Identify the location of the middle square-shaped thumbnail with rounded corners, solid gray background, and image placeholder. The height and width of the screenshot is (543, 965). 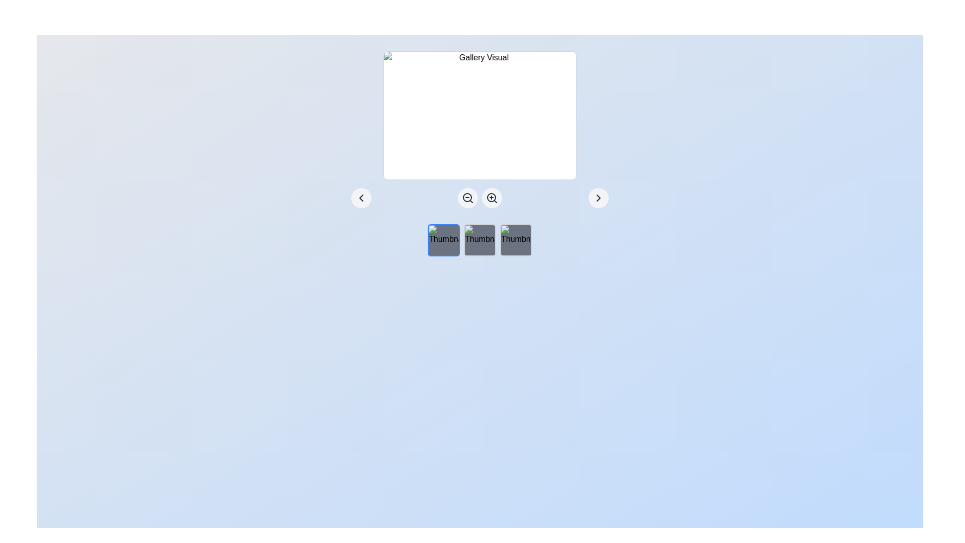
(479, 240).